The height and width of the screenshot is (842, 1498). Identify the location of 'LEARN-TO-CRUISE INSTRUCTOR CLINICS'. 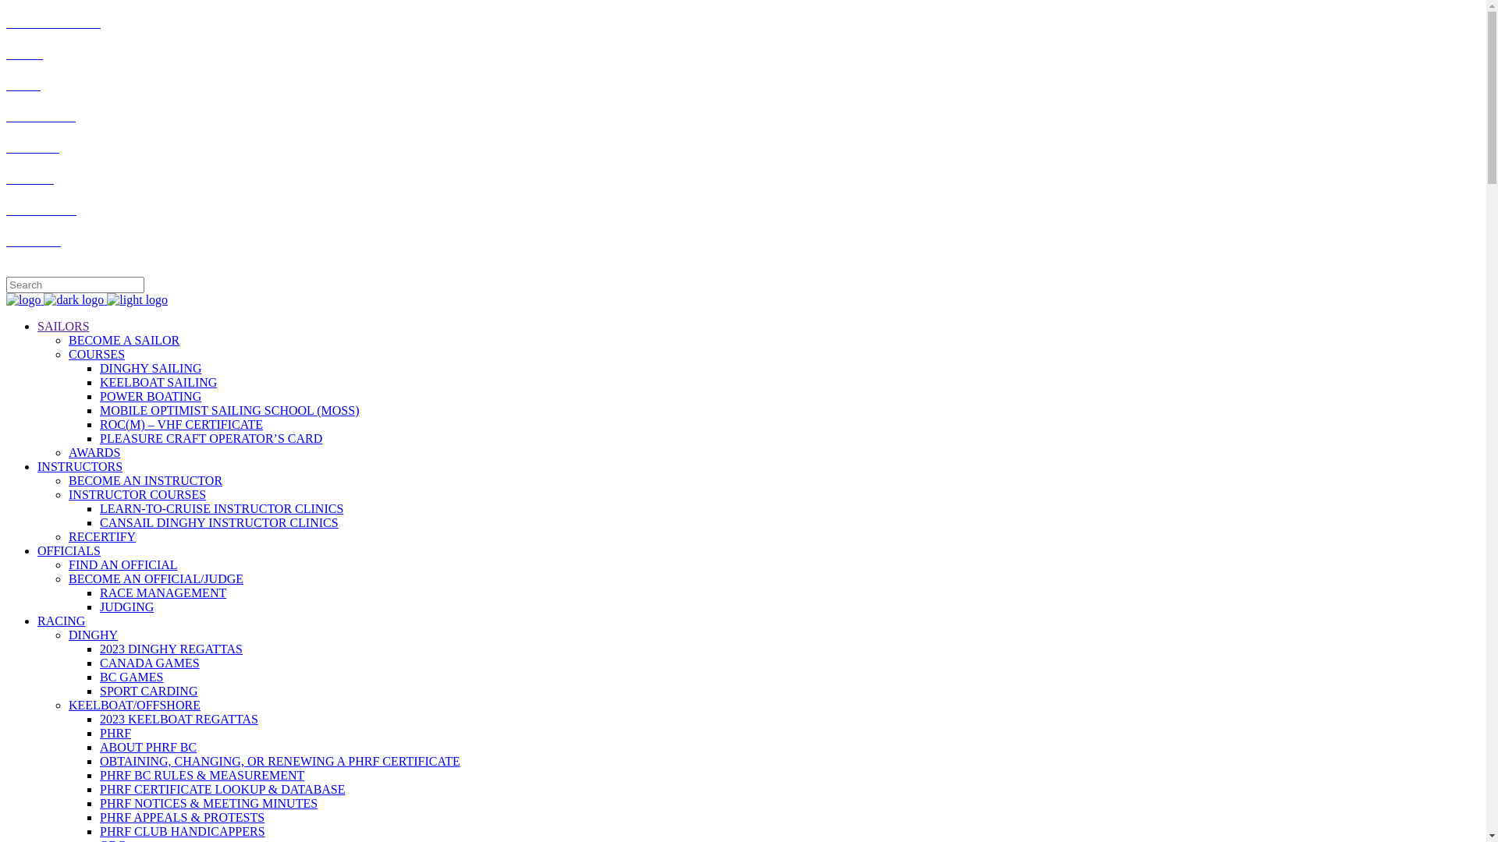
(220, 508).